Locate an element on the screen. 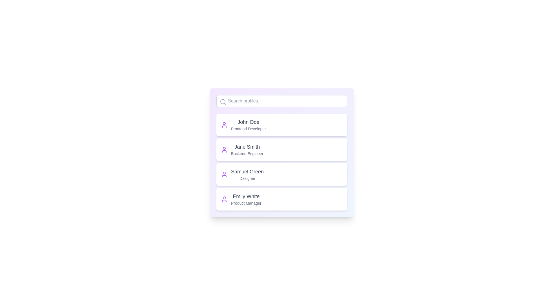  the purple outlined user icon representing 'Samuel Green', which is located in the third visible list item of user profiles, positioned to the left of the text 'Samuel Green' and 'Designer' is located at coordinates (224, 174).